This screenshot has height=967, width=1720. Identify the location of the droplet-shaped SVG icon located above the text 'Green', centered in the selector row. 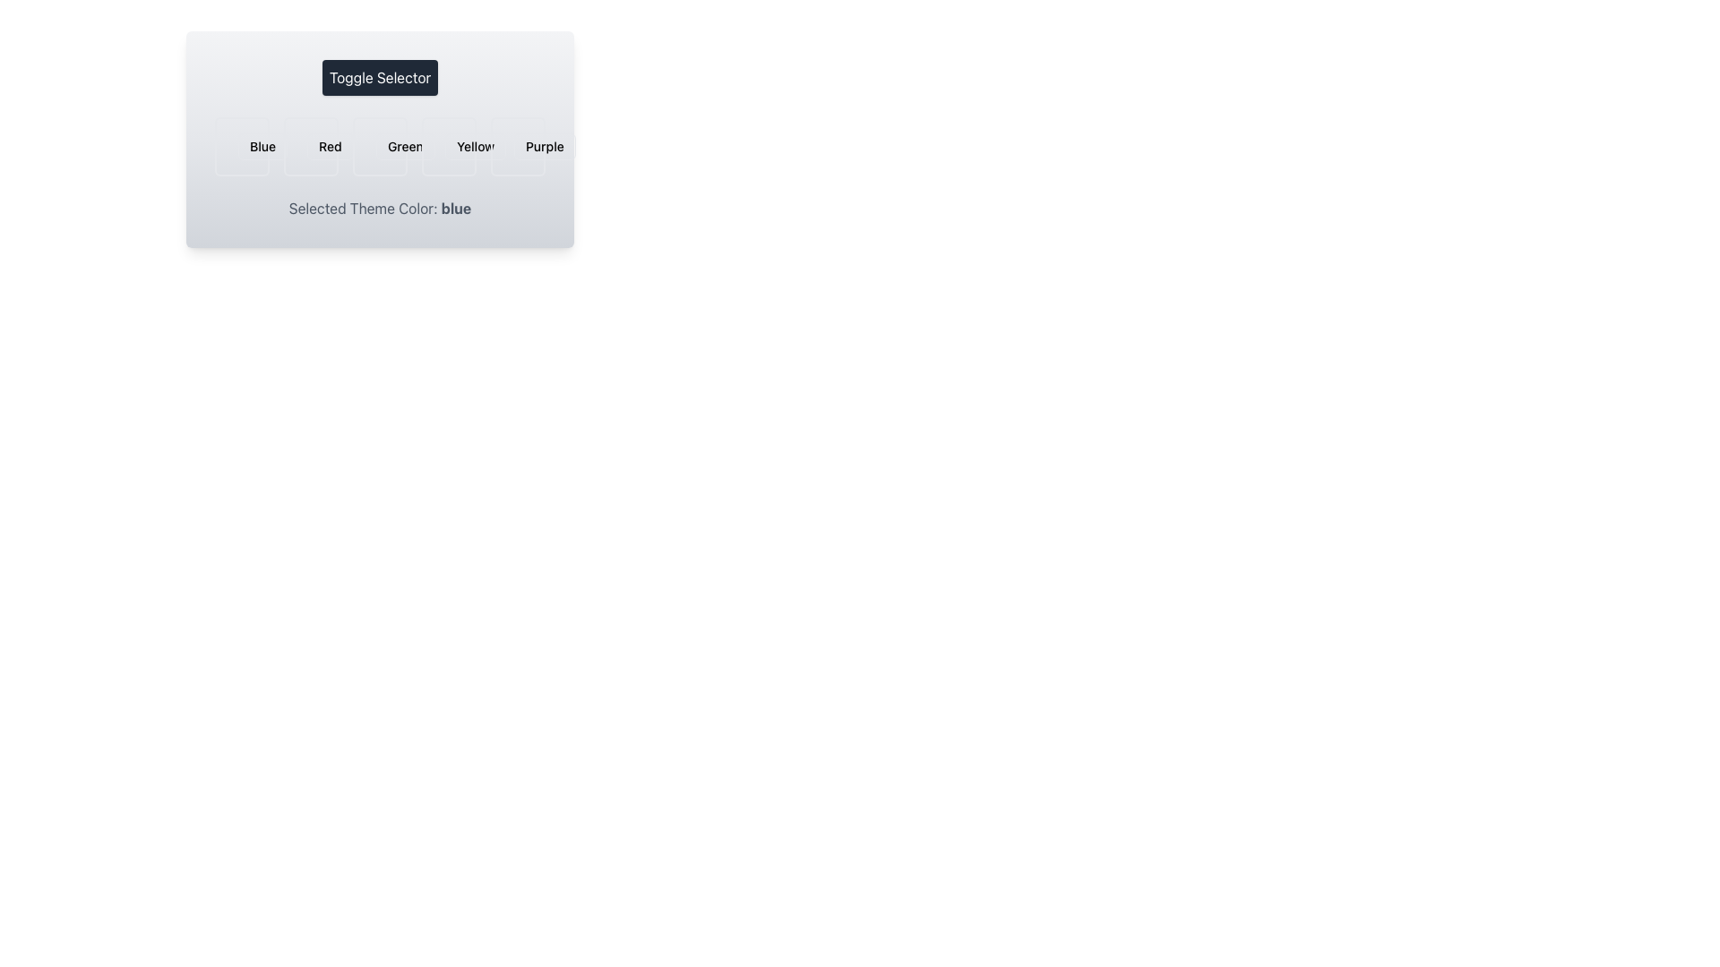
(378, 146).